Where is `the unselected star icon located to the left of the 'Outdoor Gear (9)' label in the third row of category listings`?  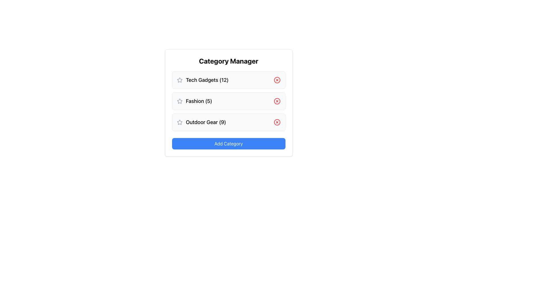
the unselected star icon located to the left of the 'Outdoor Gear (9)' label in the third row of category listings is located at coordinates (179, 122).